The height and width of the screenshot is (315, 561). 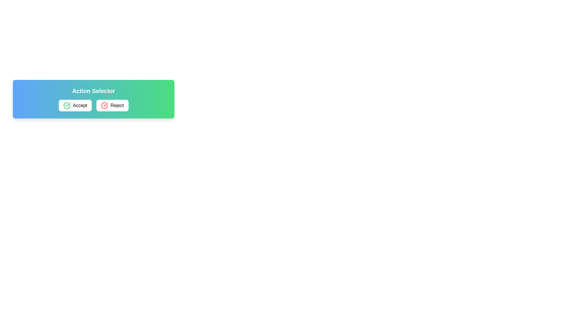 What do you see at coordinates (112, 106) in the screenshot?
I see `the 'Reject' button` at bounding box center [112, 106].